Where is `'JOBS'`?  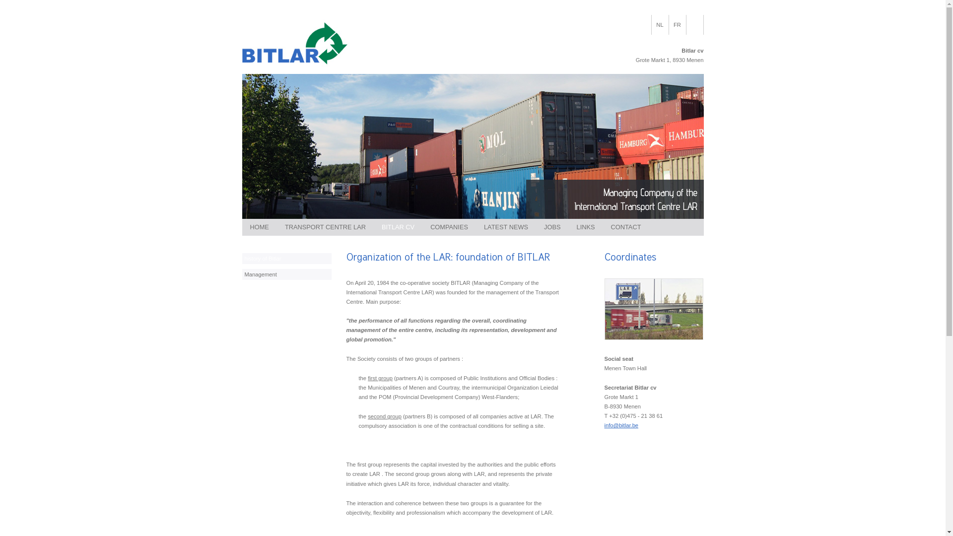
'JOBS' is located at coordinates (551, 227).